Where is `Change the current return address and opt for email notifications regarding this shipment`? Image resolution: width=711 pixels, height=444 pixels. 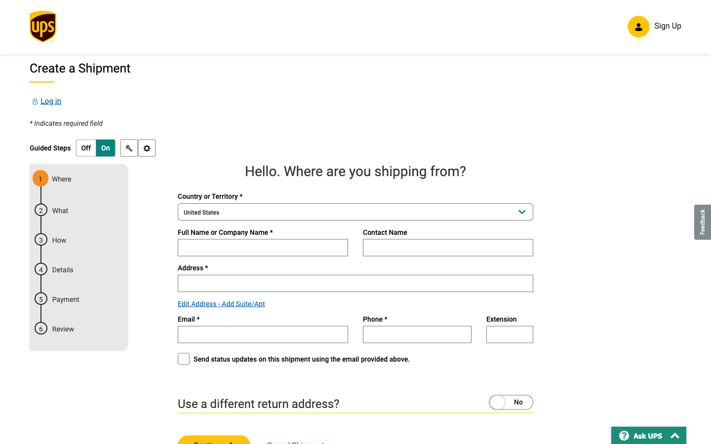 Change the current return address and opt for email notifications regarding this shipment is located at coordinates (491, 401).